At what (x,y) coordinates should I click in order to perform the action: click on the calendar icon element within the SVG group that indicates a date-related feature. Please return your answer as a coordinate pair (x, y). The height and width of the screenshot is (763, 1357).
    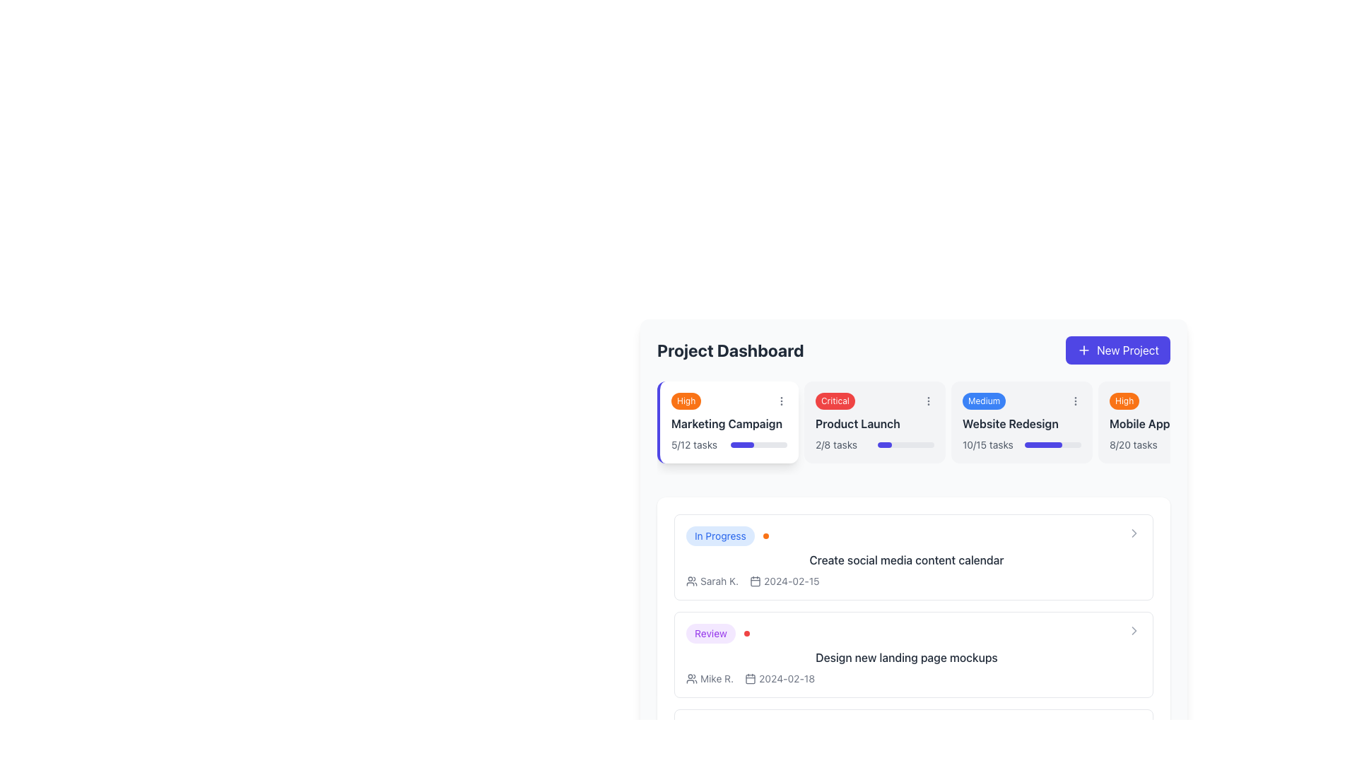
    Looking at the image, I should click on (755, 581).